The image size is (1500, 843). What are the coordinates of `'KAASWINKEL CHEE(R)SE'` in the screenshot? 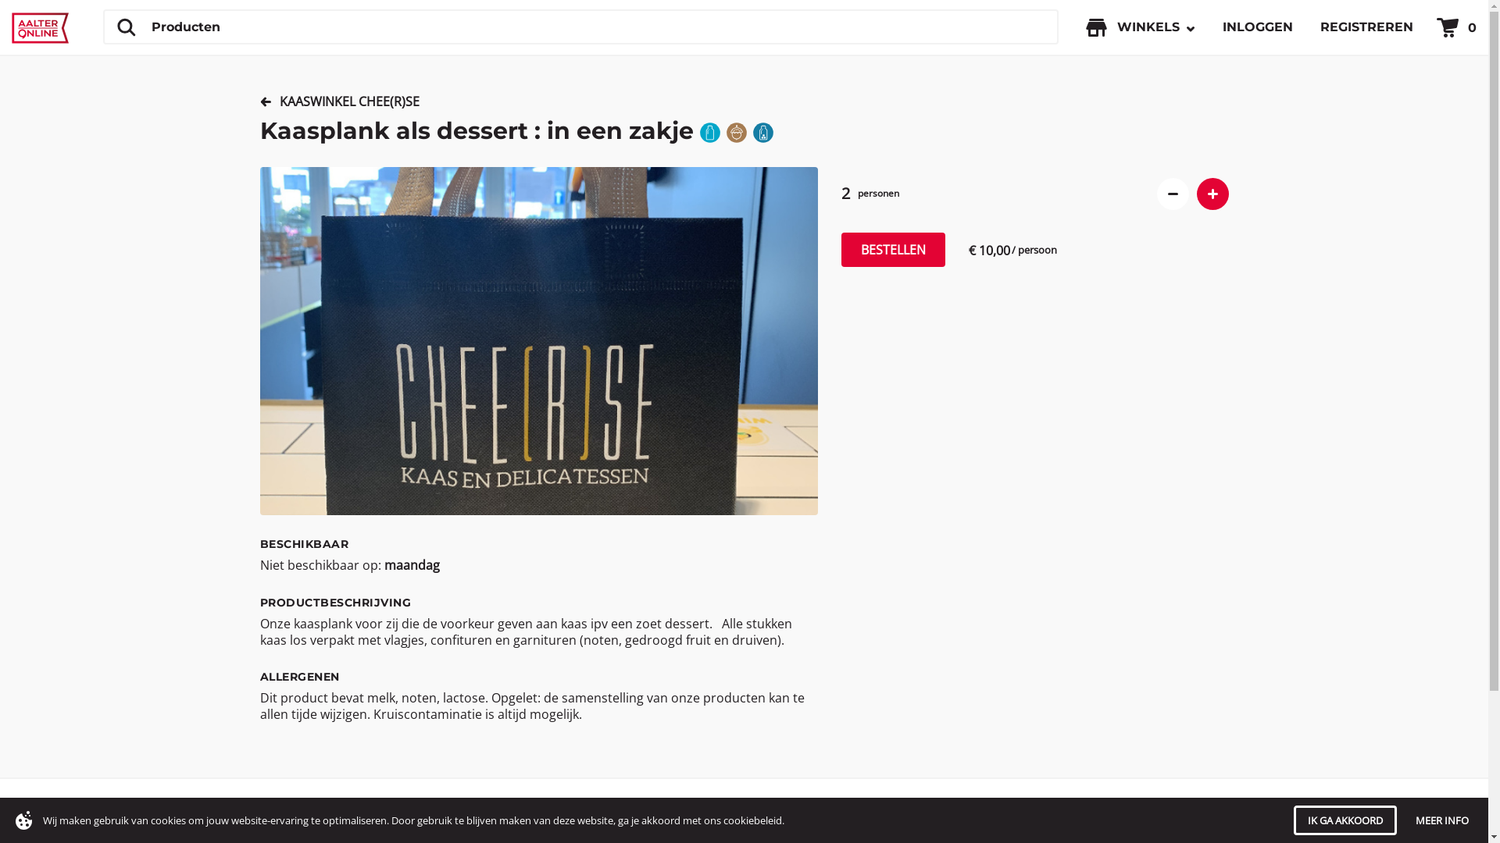 It's located at (341, 101).